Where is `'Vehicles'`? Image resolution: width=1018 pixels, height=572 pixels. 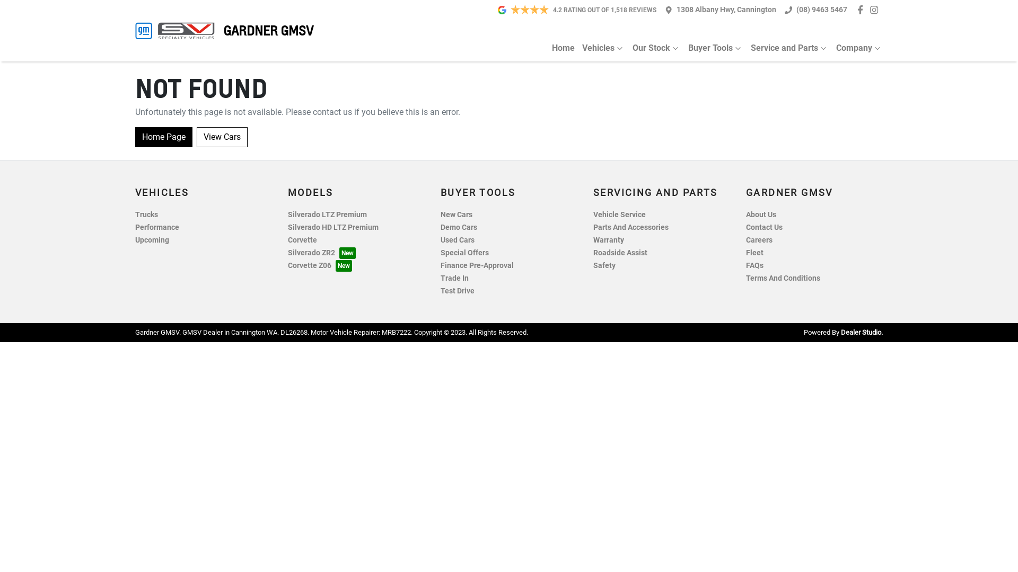 'Vehicles' is located at coordinates (600, 48).